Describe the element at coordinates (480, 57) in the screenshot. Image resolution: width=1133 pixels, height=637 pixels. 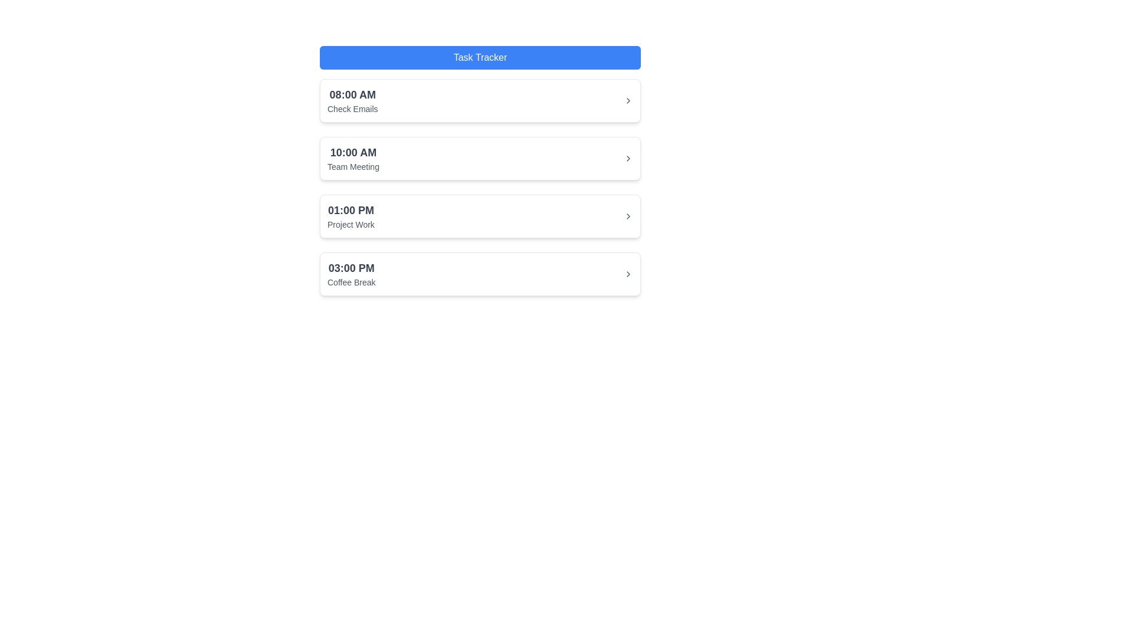
I see `text content of the Header located at the top of the interface, which provides context for the content below it` at that location.